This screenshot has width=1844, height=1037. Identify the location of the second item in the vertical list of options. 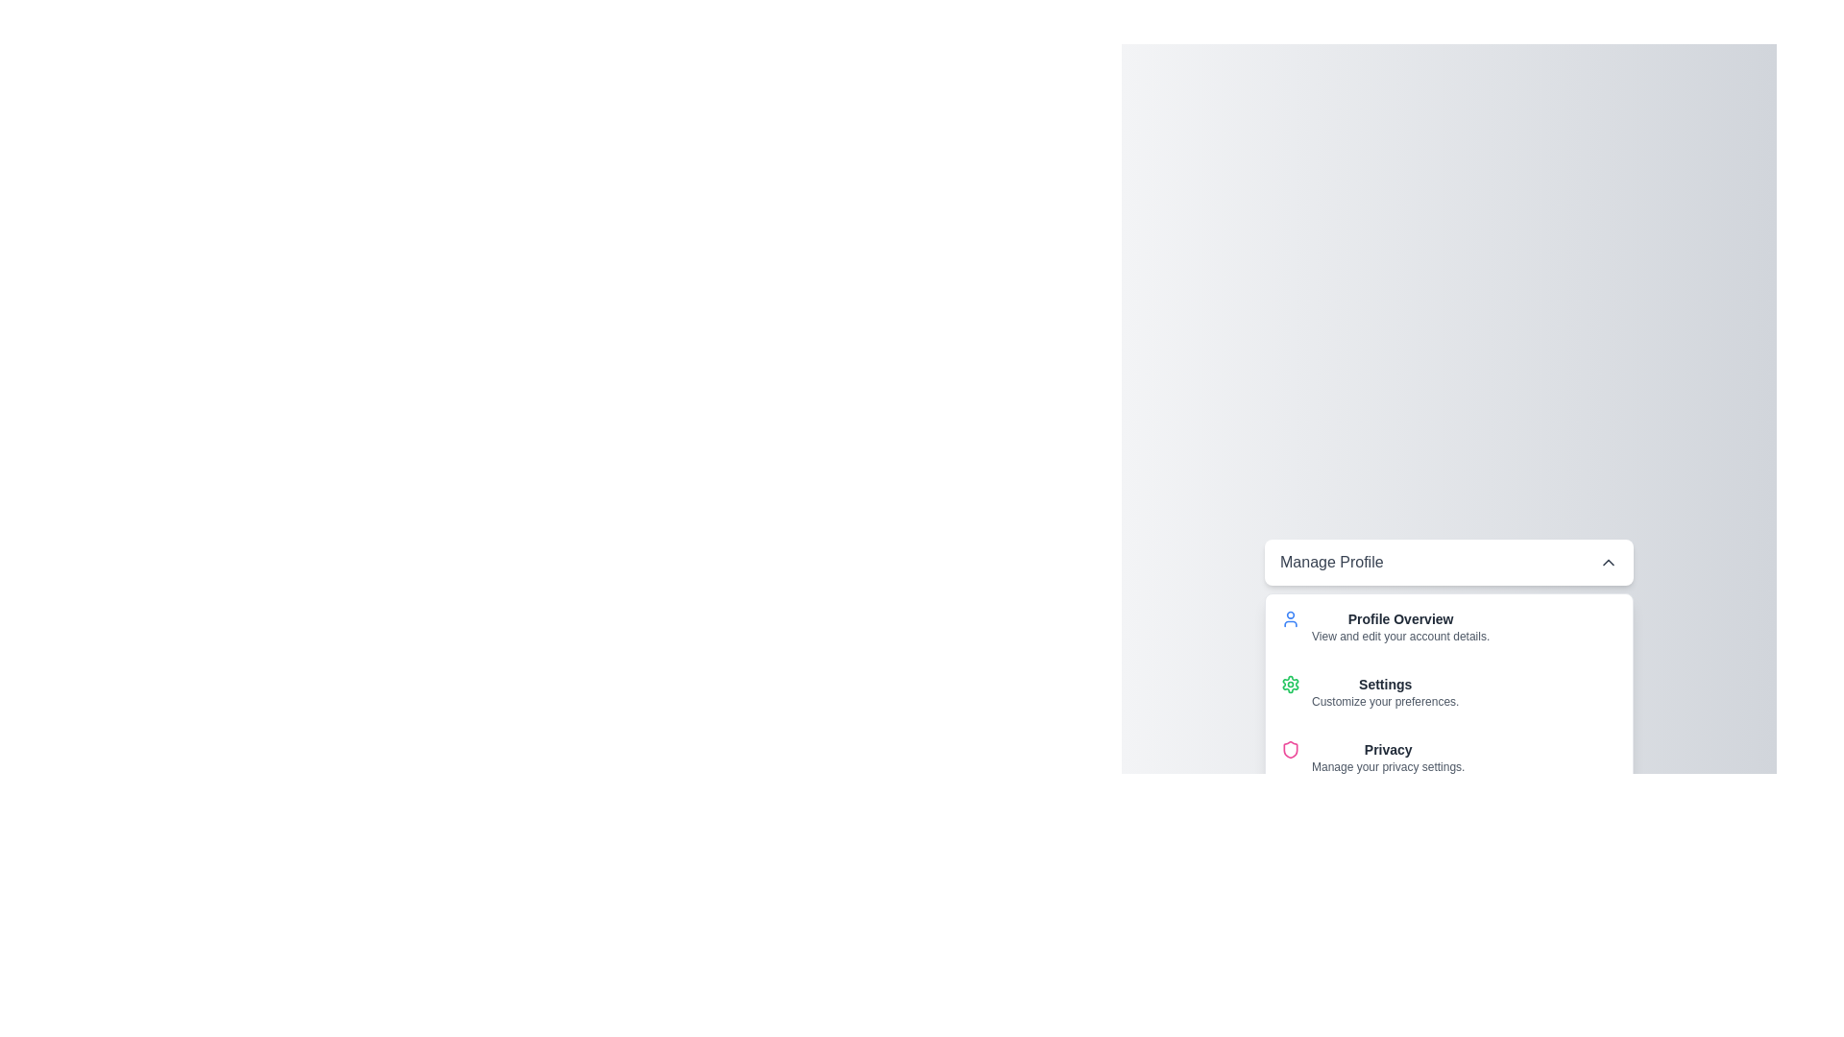
(1448, 692).